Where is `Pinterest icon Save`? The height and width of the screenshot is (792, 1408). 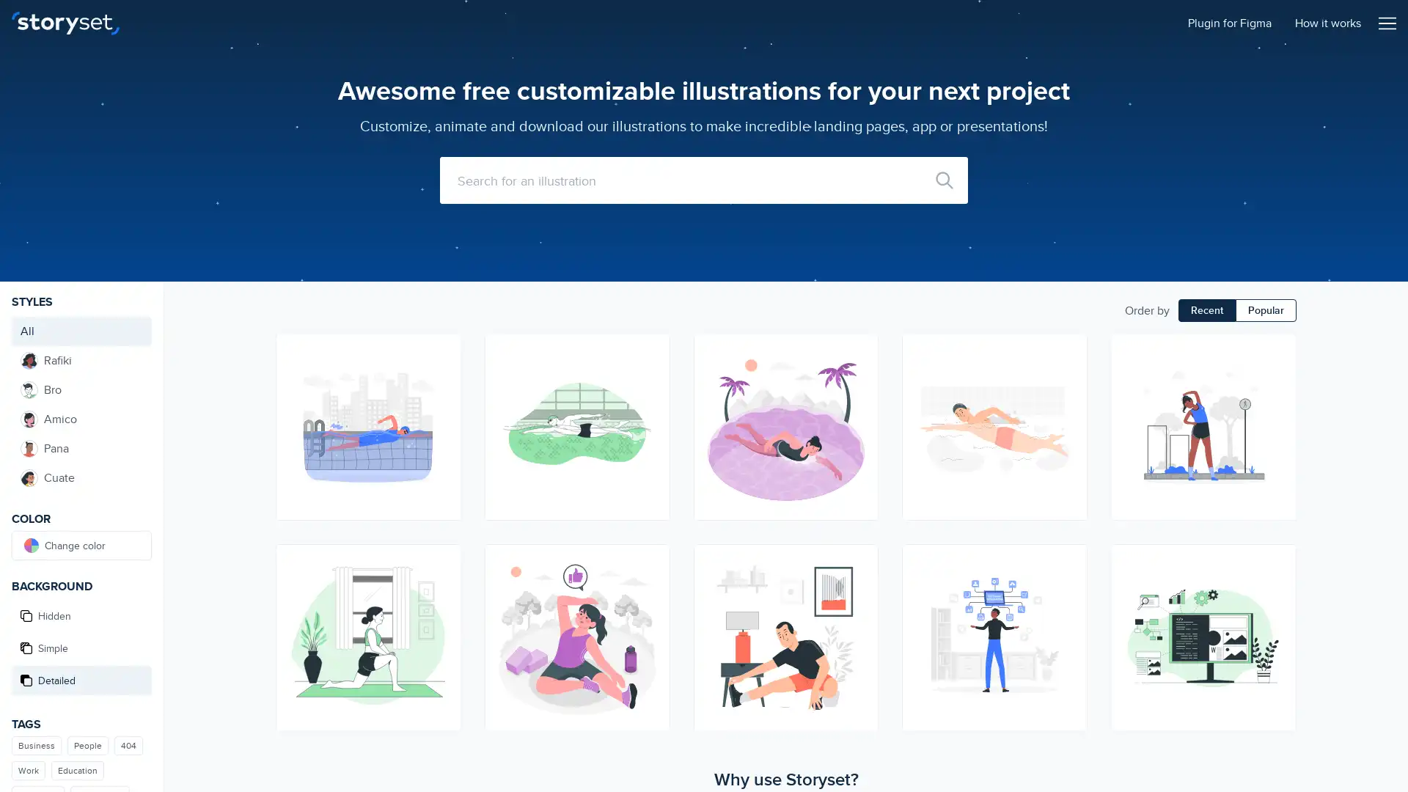 Pinterest icon Save is located at coordinates (441, 404).